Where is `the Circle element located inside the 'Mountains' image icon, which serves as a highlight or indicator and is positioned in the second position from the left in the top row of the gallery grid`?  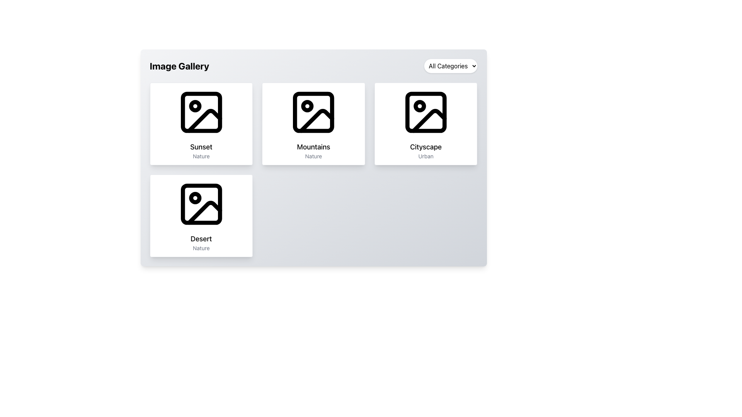
the Circle element located inside the 'Mountains' image icon, which serves as a highlight or indicator and is positioned in the second position from the left in the top row of the gallery grid is located at coordinates (307, 106).